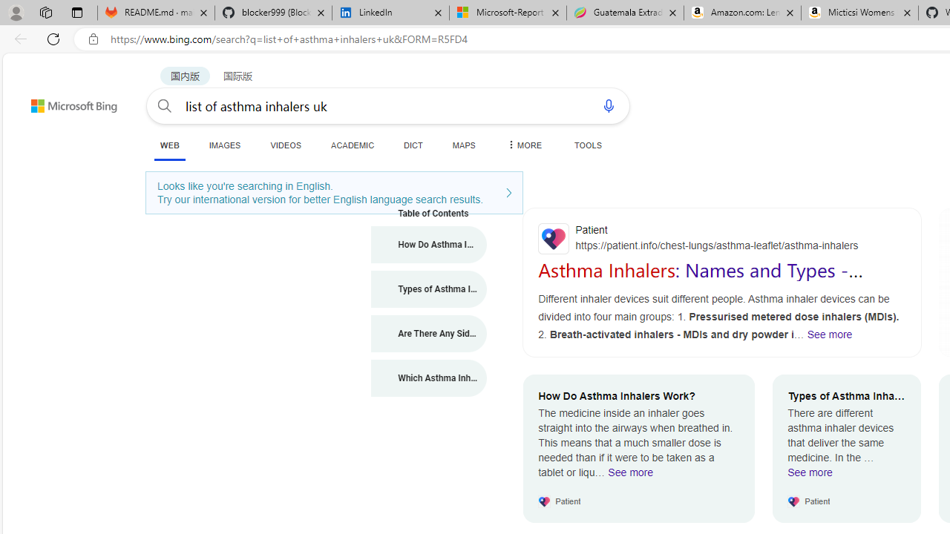  What do you see at coordinates (413, 145) in the screenshot?
I see `'DICT'` at bounding box center [413, 145].